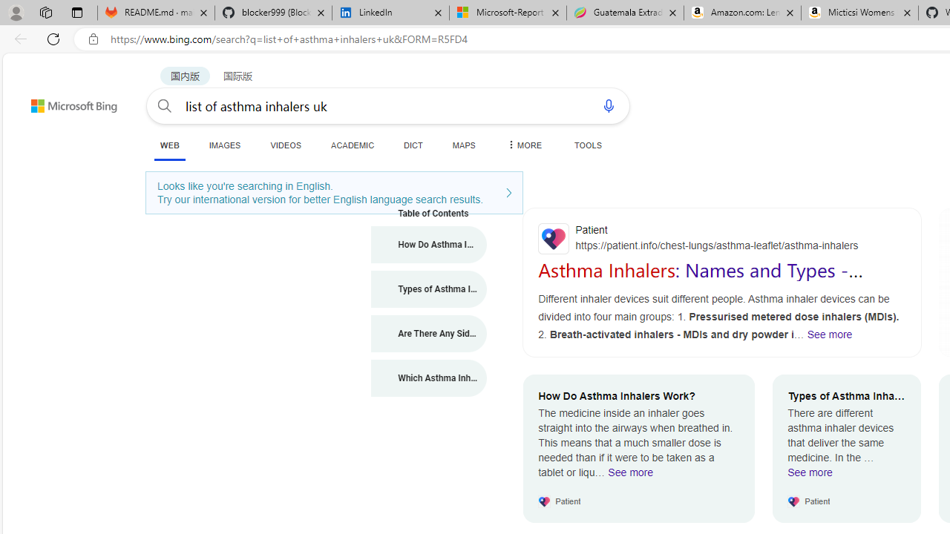  What do you see at coordinates (413, 145) in the screenshot?
I see `'DICT'` at bounding box center [413, 145].